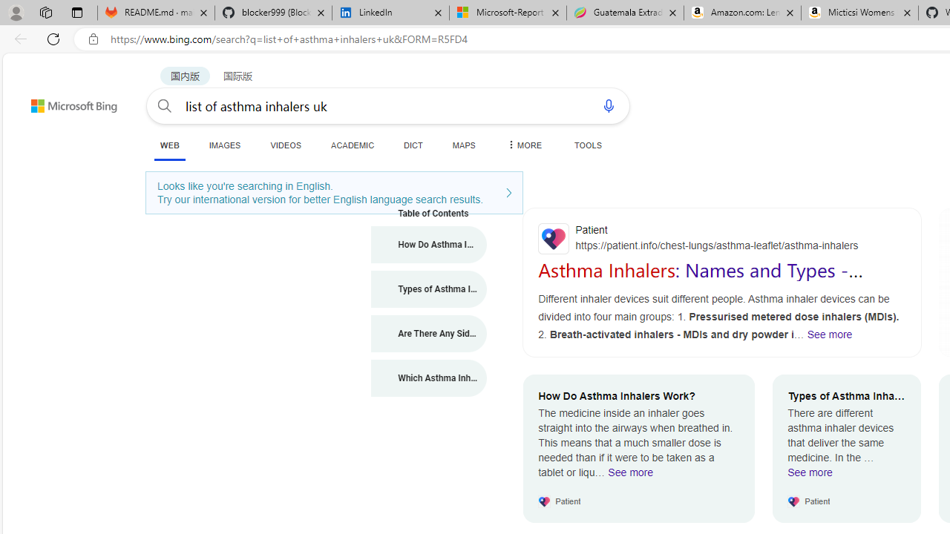  What do you see at coordinates (413, 145) in the screenshot?
I see `'DICT'` at bounding box center [413, 145].